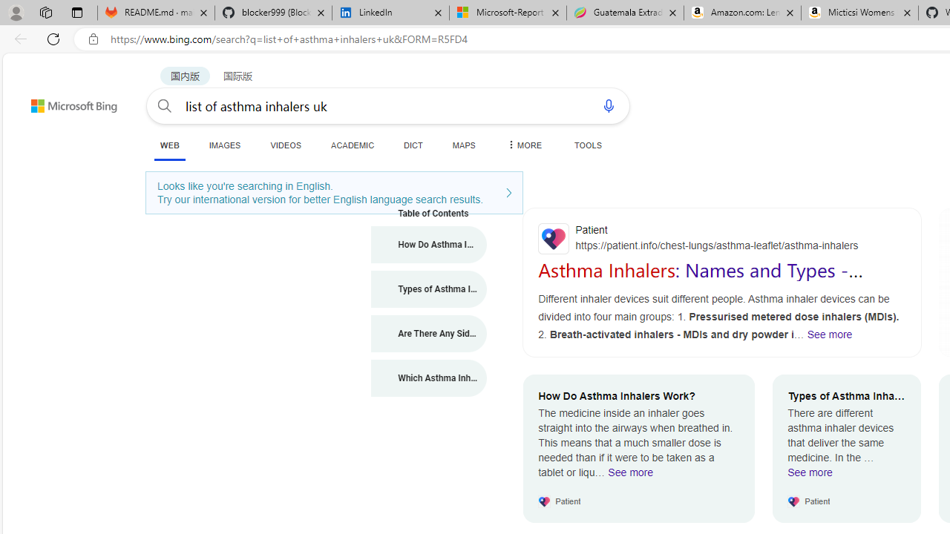  What do you see at coordinates (413, 145) in the screenshot?
I see `'DICT'` at bounding box center [413, 145].